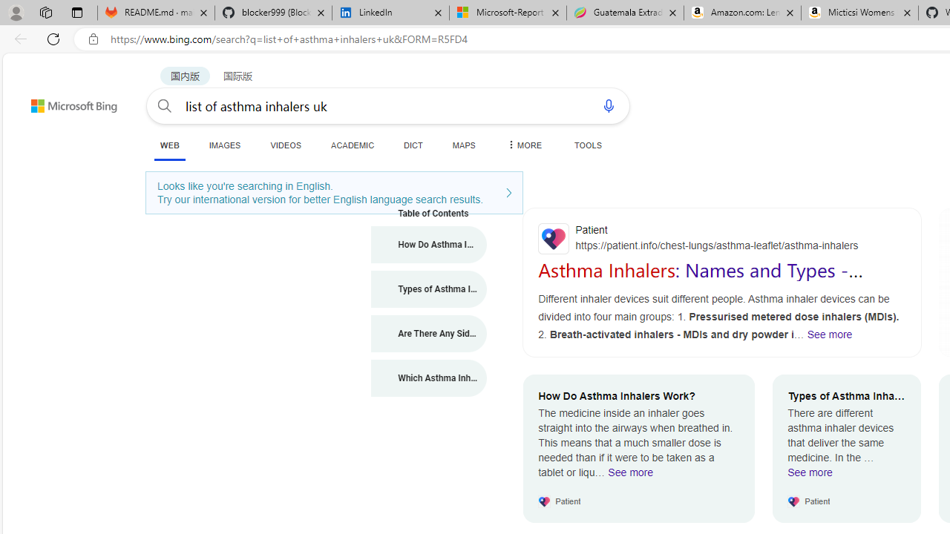  What do you see at coordinates (413, 145) in the screenshot?
I see `'DICT'` at bounding box center [413, 145].